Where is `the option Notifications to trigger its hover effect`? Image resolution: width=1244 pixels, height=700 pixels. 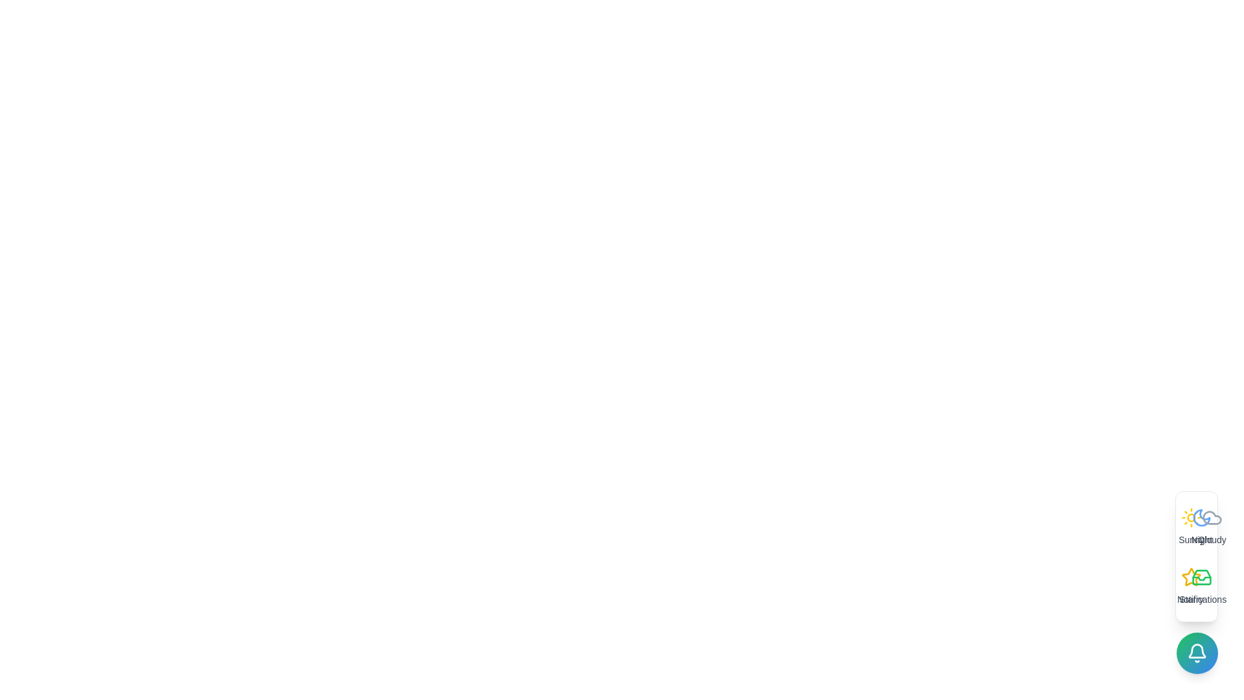 the option Notifications to trigger its hover effect is located at coordinates (1201, 587).